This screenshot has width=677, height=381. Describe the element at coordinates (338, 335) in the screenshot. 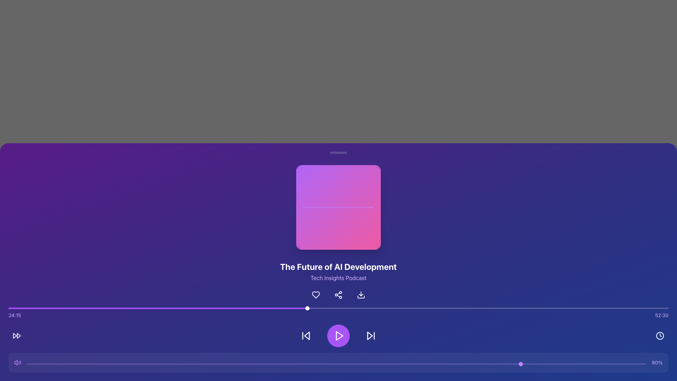

I see `the play button located centrally among its siblings in the media player control panel to play or pause the media` at that location.